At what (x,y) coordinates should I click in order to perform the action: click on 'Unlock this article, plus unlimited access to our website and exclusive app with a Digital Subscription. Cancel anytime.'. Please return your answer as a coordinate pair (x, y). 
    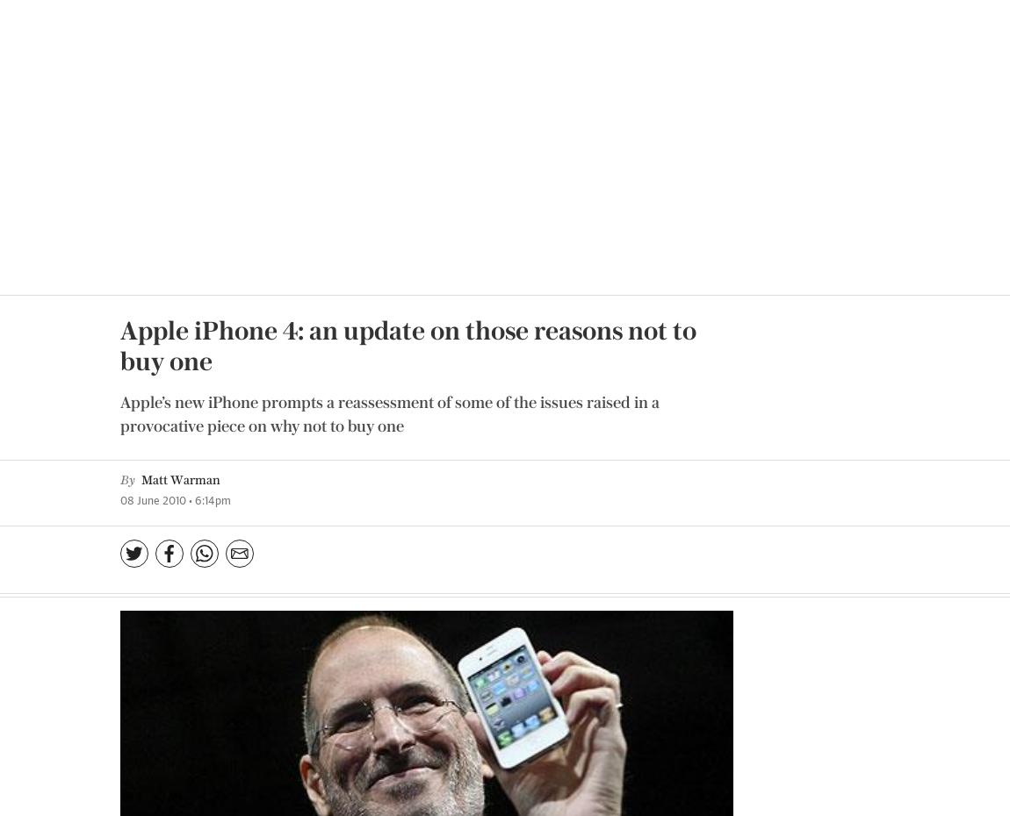
    Looking at the image, I should click on (504, 637).